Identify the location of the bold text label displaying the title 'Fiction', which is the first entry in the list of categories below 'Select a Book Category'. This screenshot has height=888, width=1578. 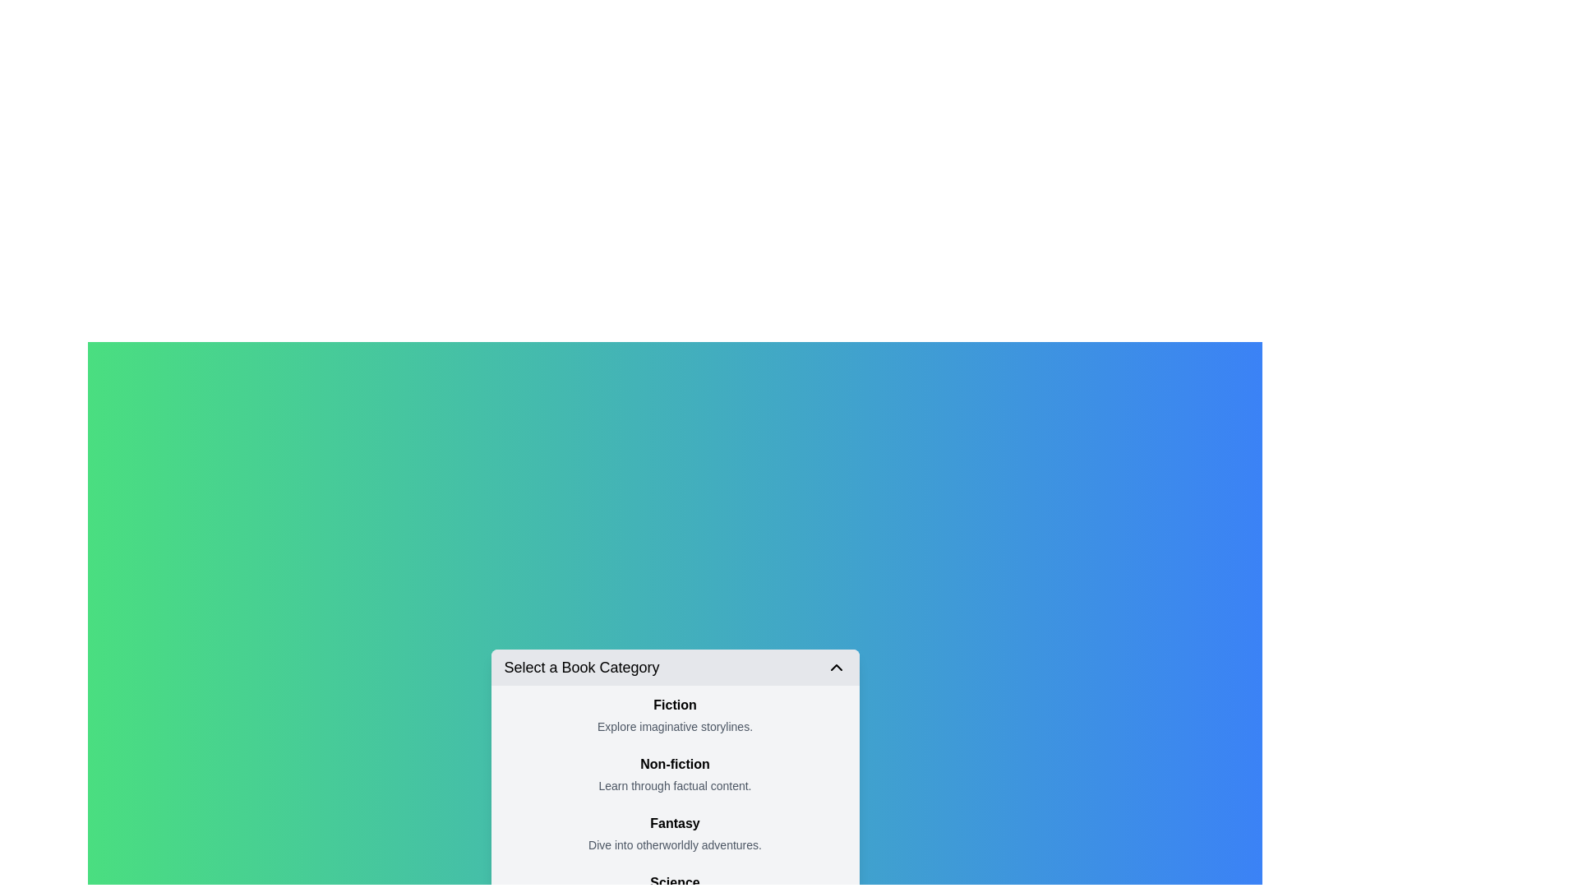
(675, 704).